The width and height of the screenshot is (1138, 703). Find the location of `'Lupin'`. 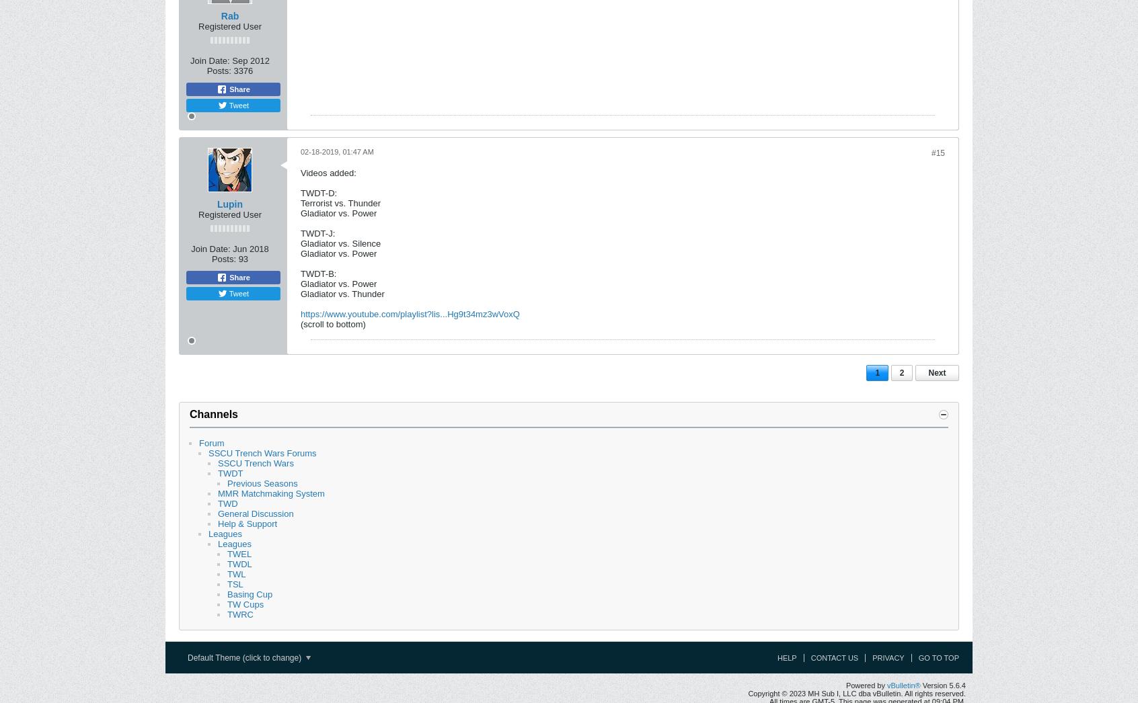

'Lupin' is located at coordinates (229, 204).